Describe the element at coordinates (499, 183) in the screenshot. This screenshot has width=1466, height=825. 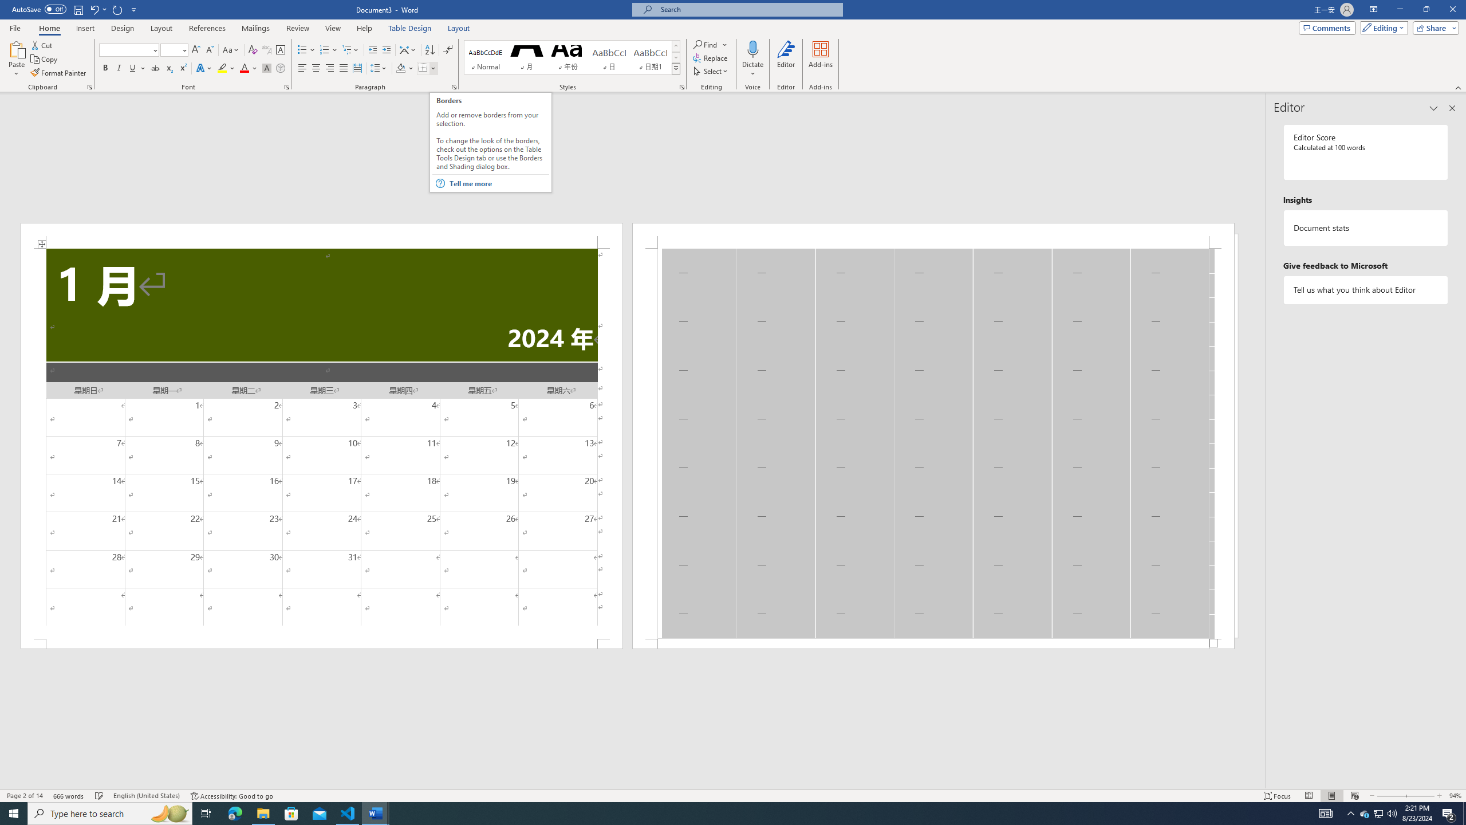
I see `'Tell me more'` at that location.